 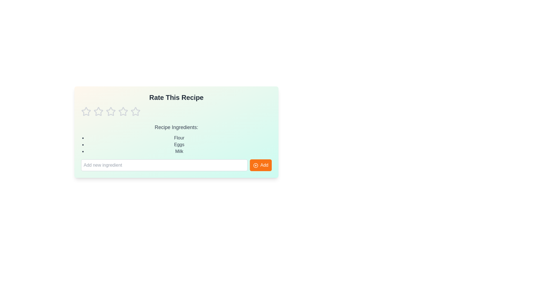 What do you see at coordinates (179, 151) in the screenshot?
I see `the ingredient Milk in the list` at bounding box center [179, 151].